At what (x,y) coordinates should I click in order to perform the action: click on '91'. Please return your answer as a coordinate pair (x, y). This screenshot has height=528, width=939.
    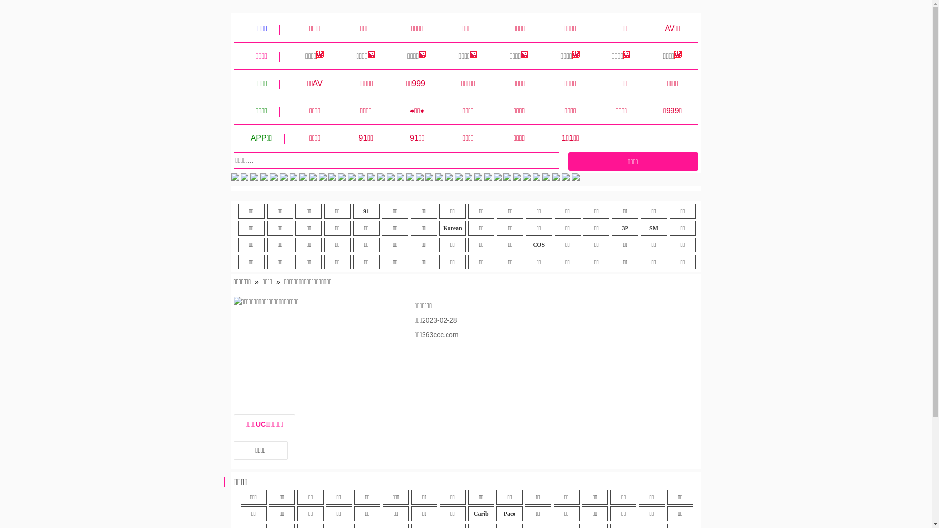
    Looking at the image, I should click on (352, 211).